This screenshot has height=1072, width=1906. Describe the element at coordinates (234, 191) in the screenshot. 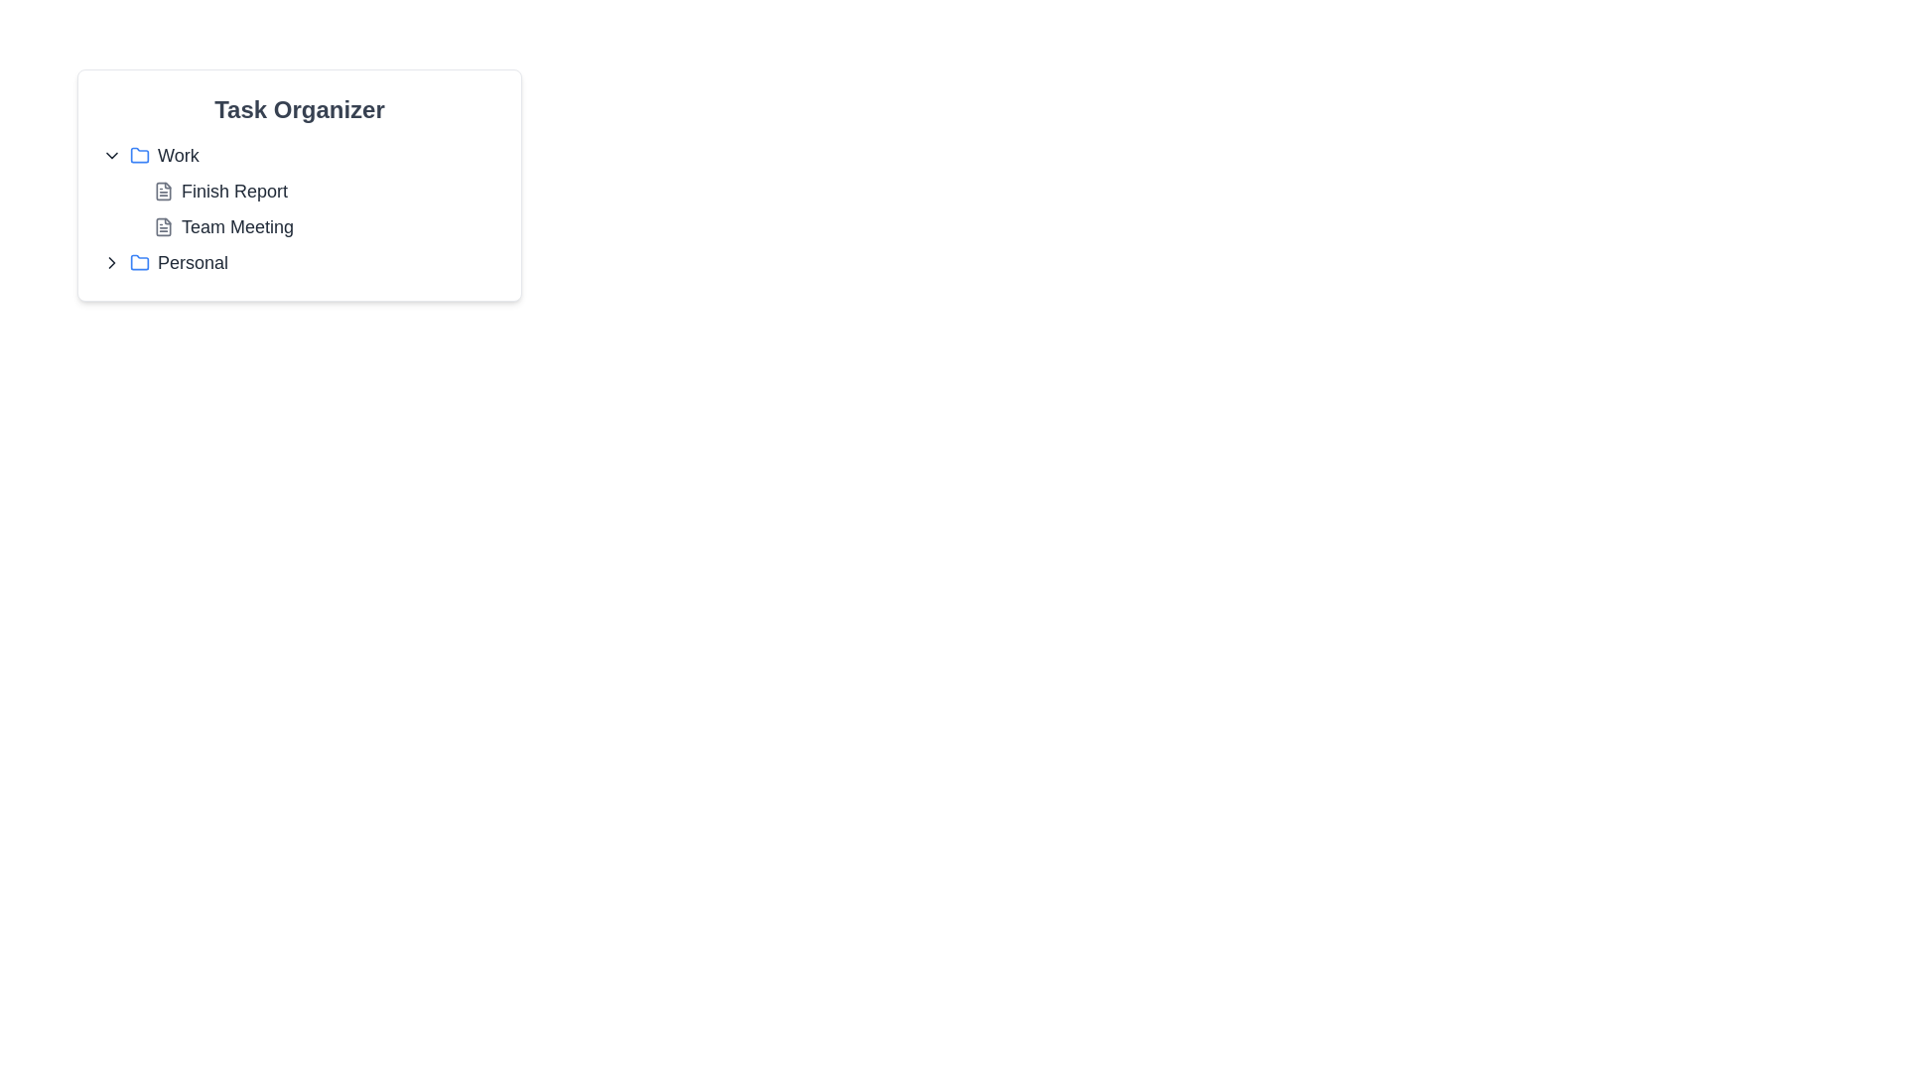

I see `the 'Finish Report' text label, which is prominently displayed in a sans-serif font within the 'Work' section of the 'Task Organizer' menu` at that location.